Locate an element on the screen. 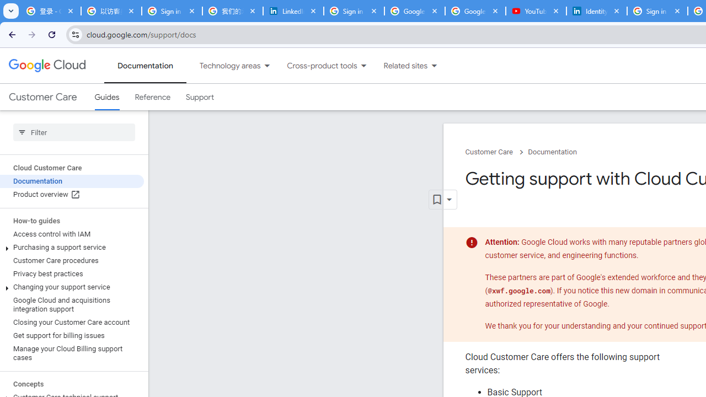 This screenshot has height=397, width=706. 'Changing your support service' is located at coordinates (71, 286).